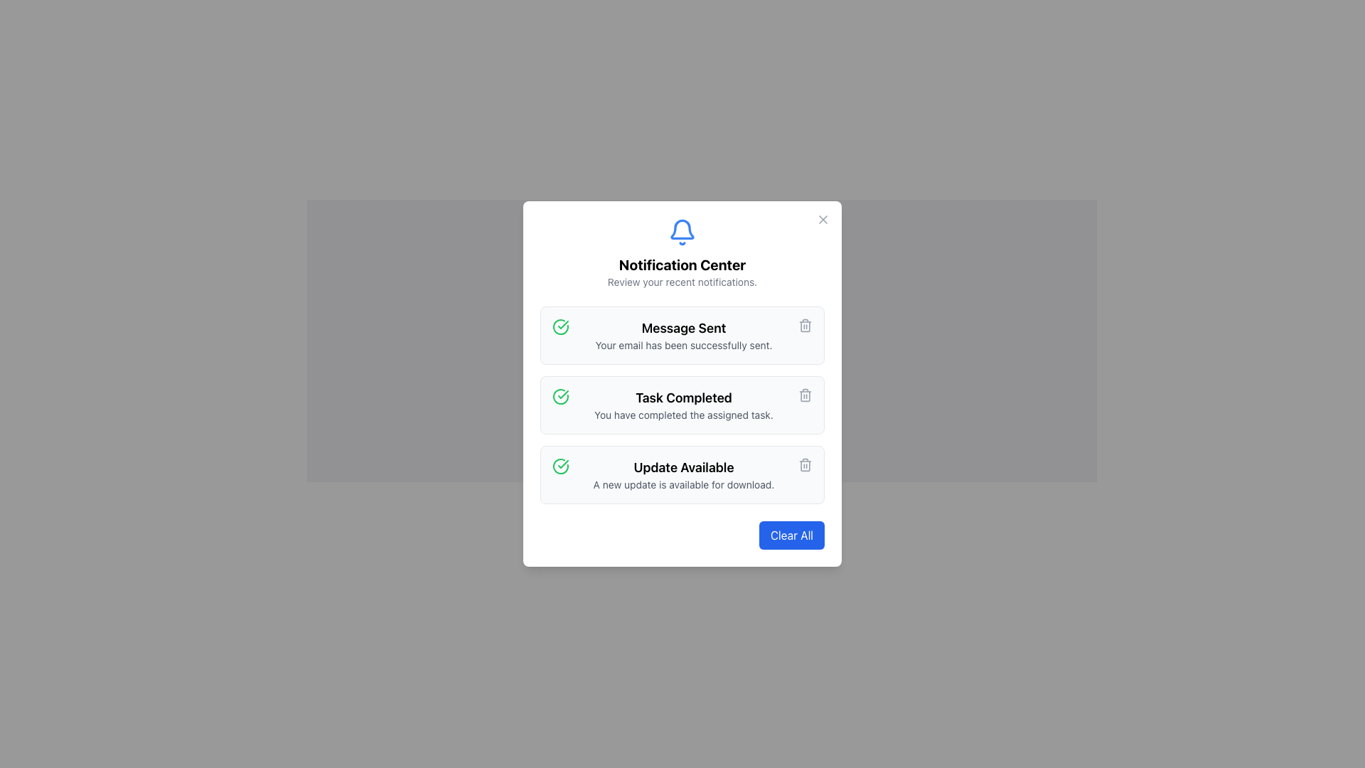  What do you see at coordinates (823, 219) in the screenshot?
I see `the small 'X' icon button located at the top-right corner of the 'Notification Center' modal to trigger the color change` at bounding box center [823, 219].